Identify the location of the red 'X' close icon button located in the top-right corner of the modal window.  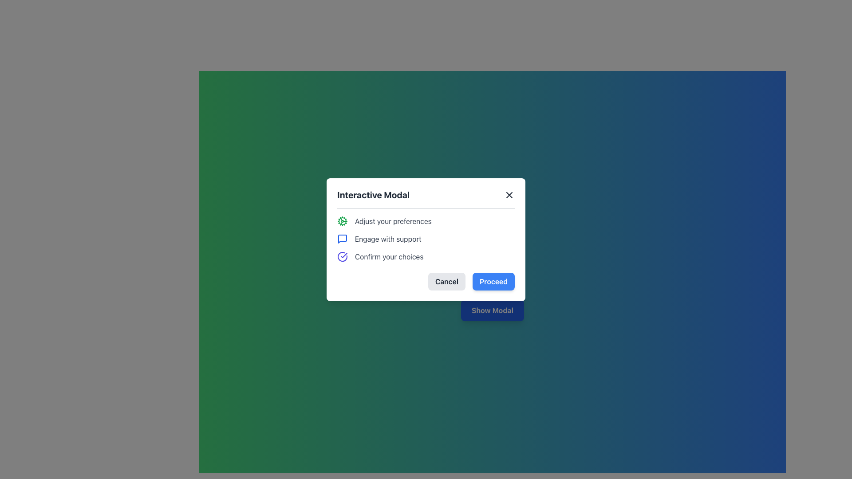
(509, 194).